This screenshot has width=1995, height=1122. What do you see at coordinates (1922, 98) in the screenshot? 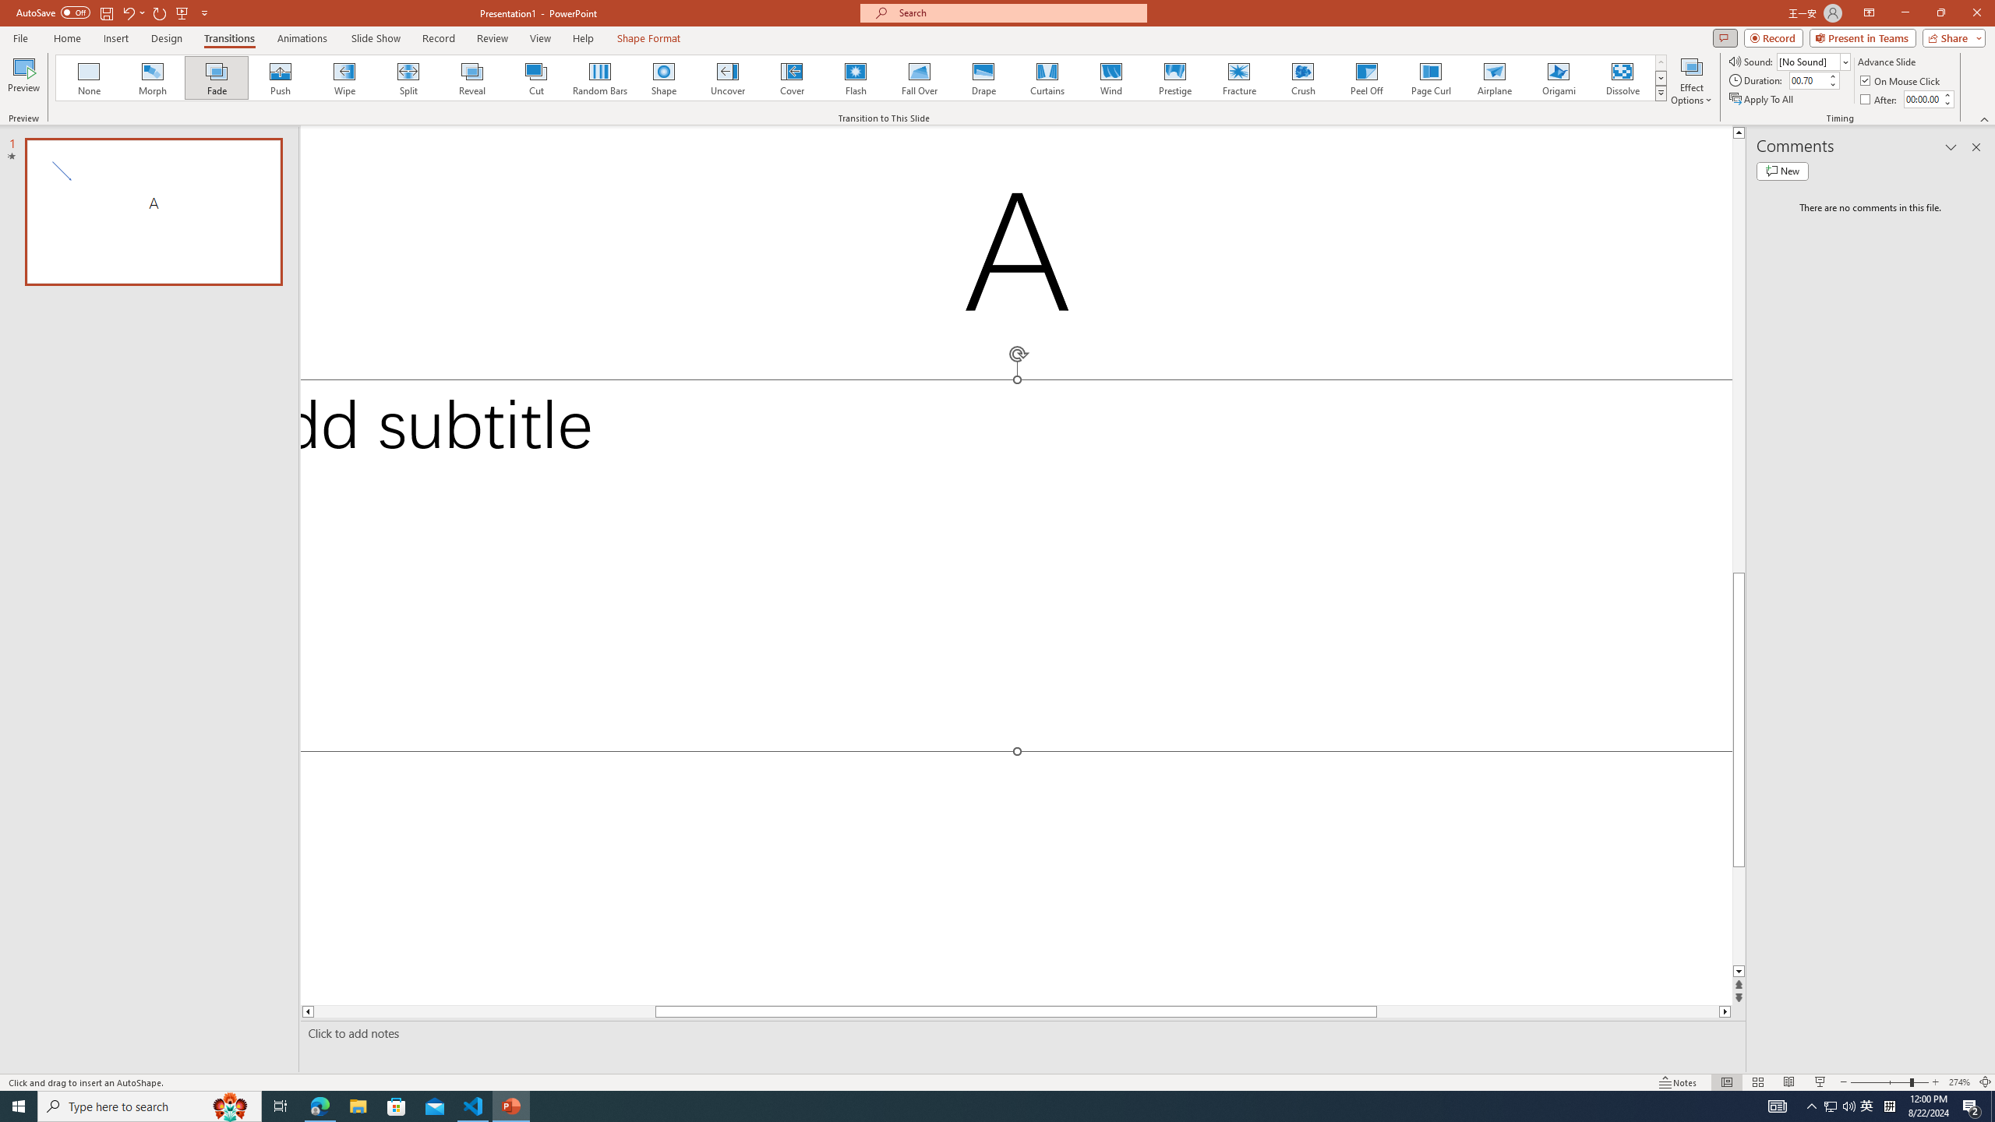
I see `'After'` at bounding box center [1922, 98].